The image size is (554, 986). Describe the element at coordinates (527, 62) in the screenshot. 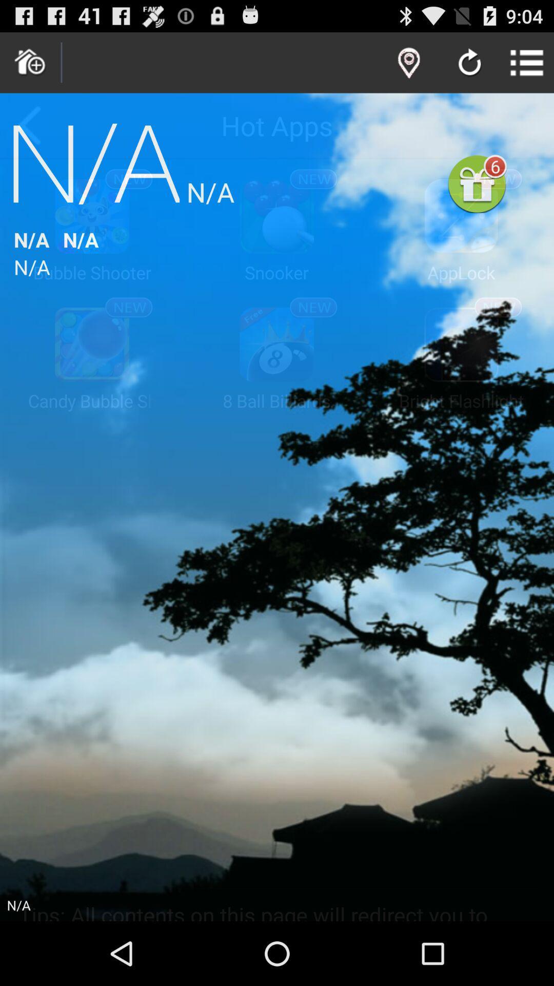

I see `app above the 6 app` at that location.